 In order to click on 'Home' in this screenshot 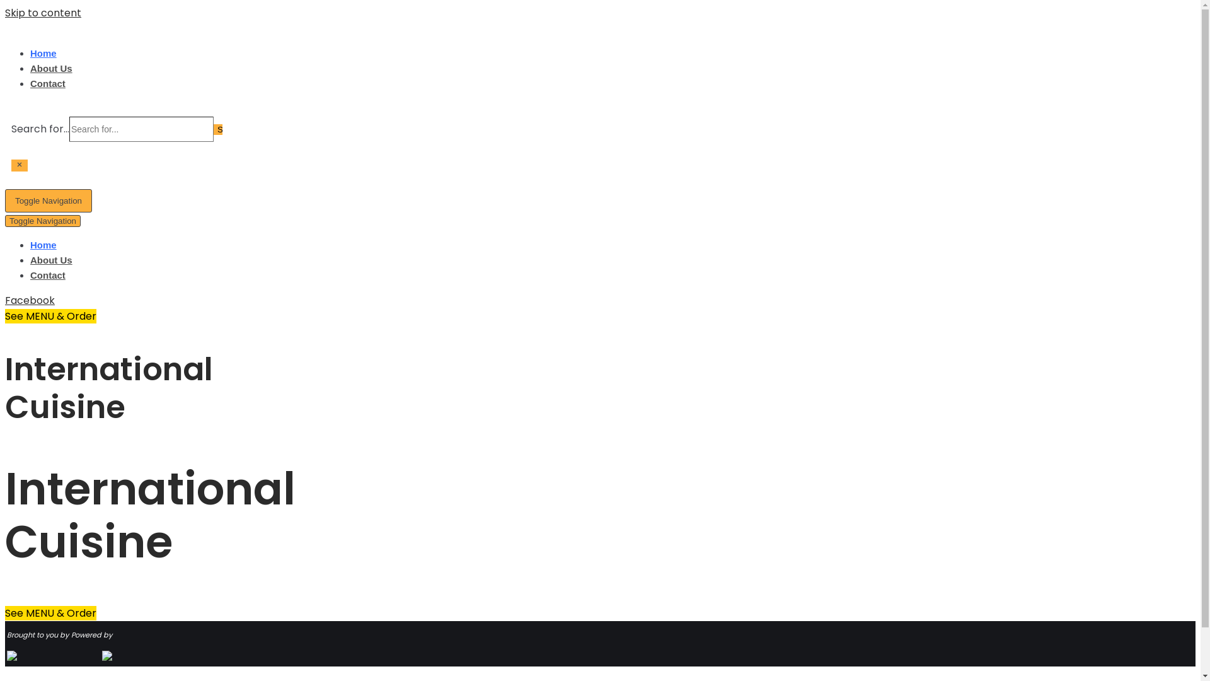, I will do `click(43, 52)`.